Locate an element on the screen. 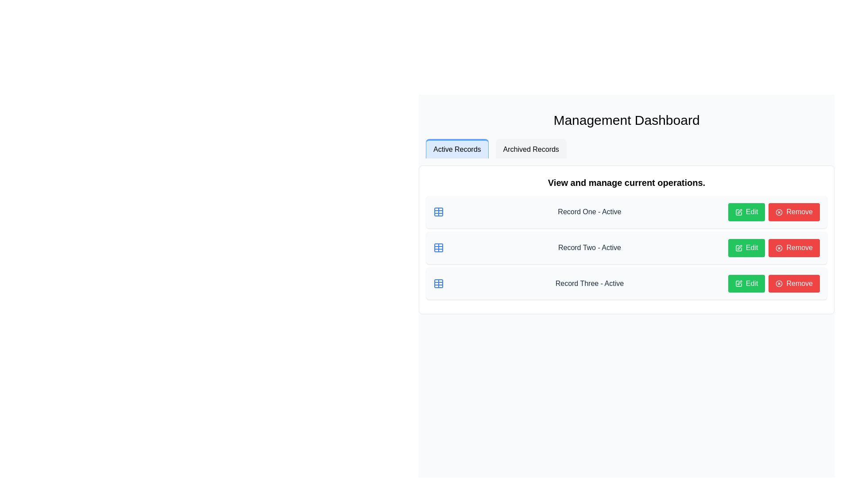  the static icon located in the second row of the records list, positioned to the left of the text 'Record Two - Active' is located at coordinates (438, 247).